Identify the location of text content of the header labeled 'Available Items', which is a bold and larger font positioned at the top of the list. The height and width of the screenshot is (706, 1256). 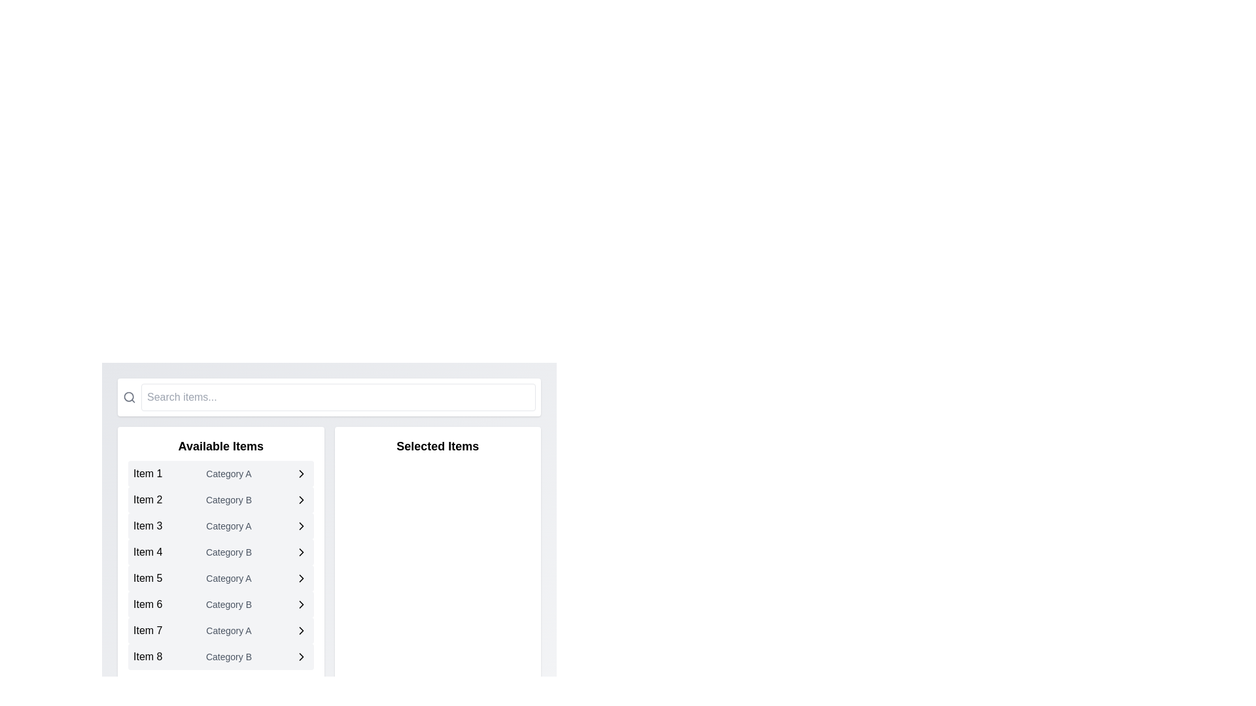
(220, 445).